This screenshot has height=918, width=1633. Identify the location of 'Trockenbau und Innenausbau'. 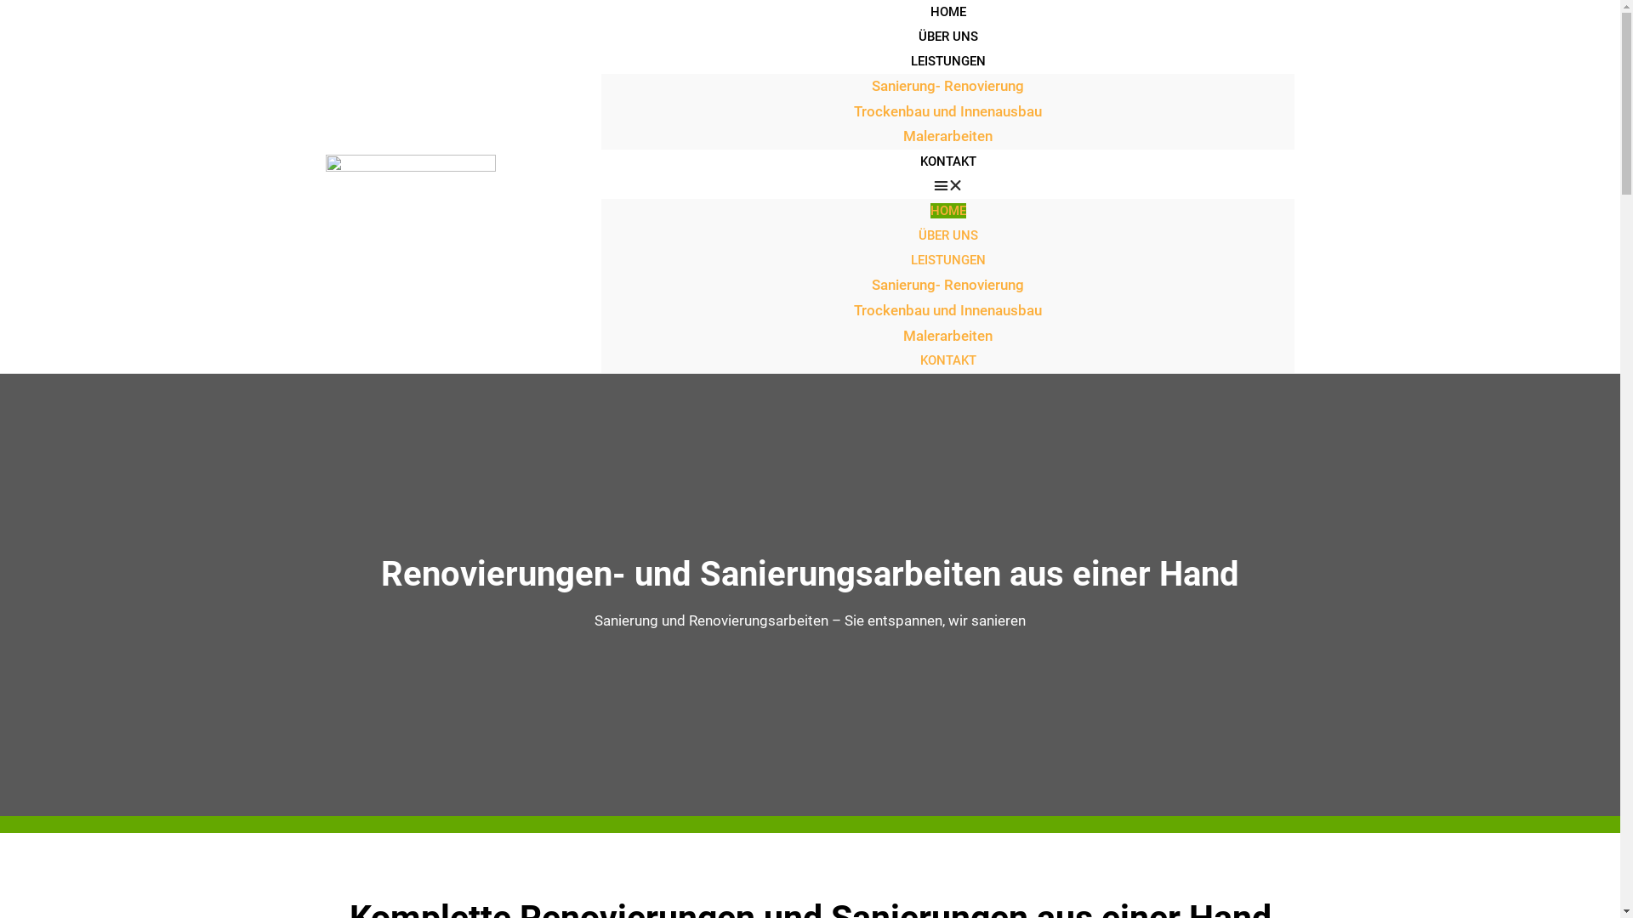
(947, 111).